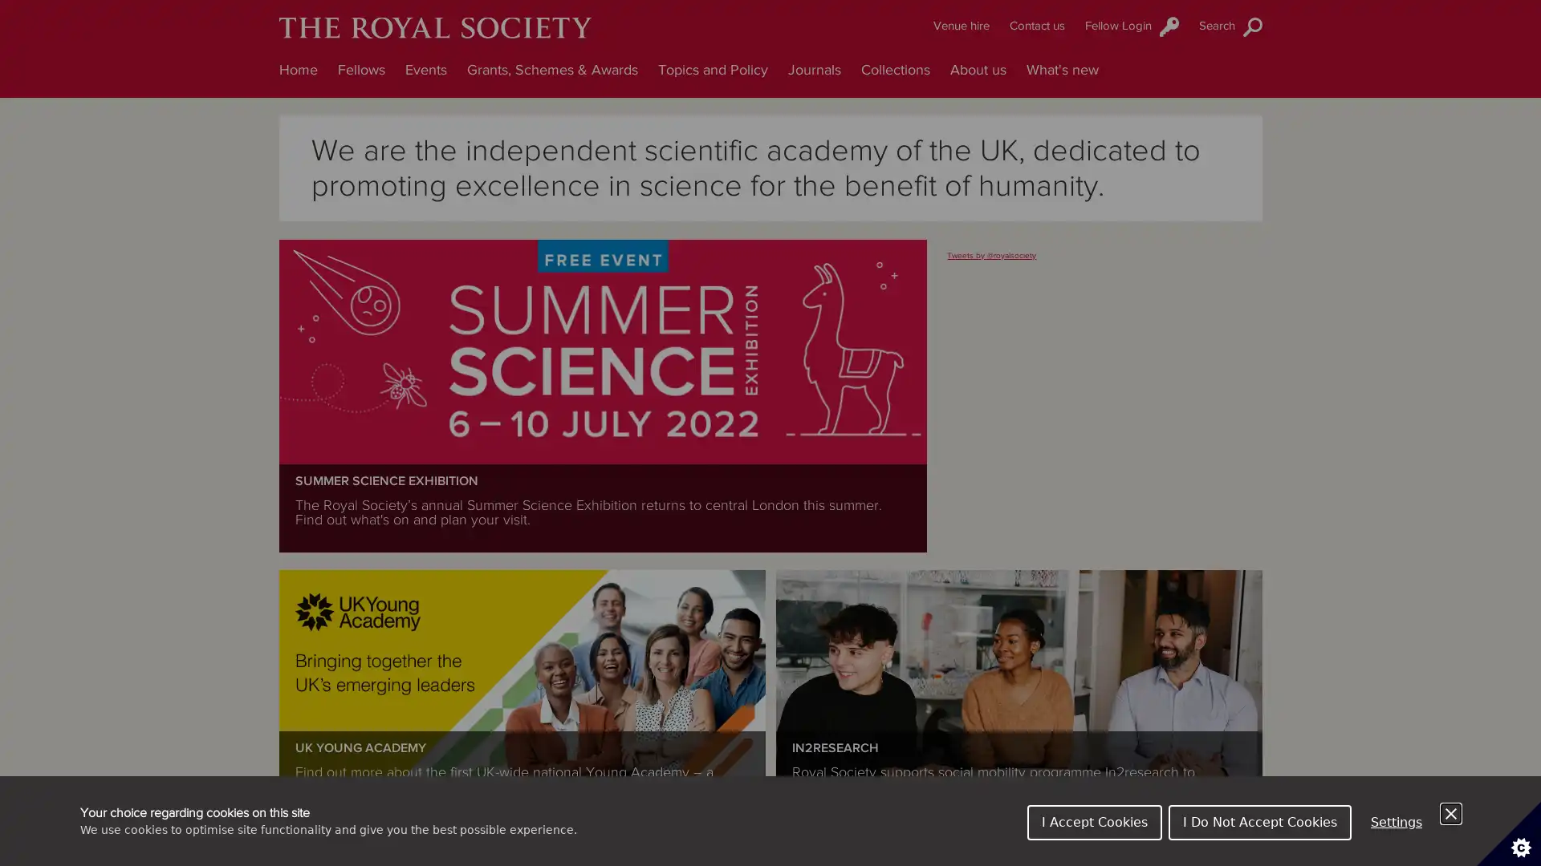 The width and height of the screenshot is (1541, 866). What do you see at coordinates (1451, 813) in the screenshot?
I see `Close Cookie Control` at bounding box center [1451, 813].